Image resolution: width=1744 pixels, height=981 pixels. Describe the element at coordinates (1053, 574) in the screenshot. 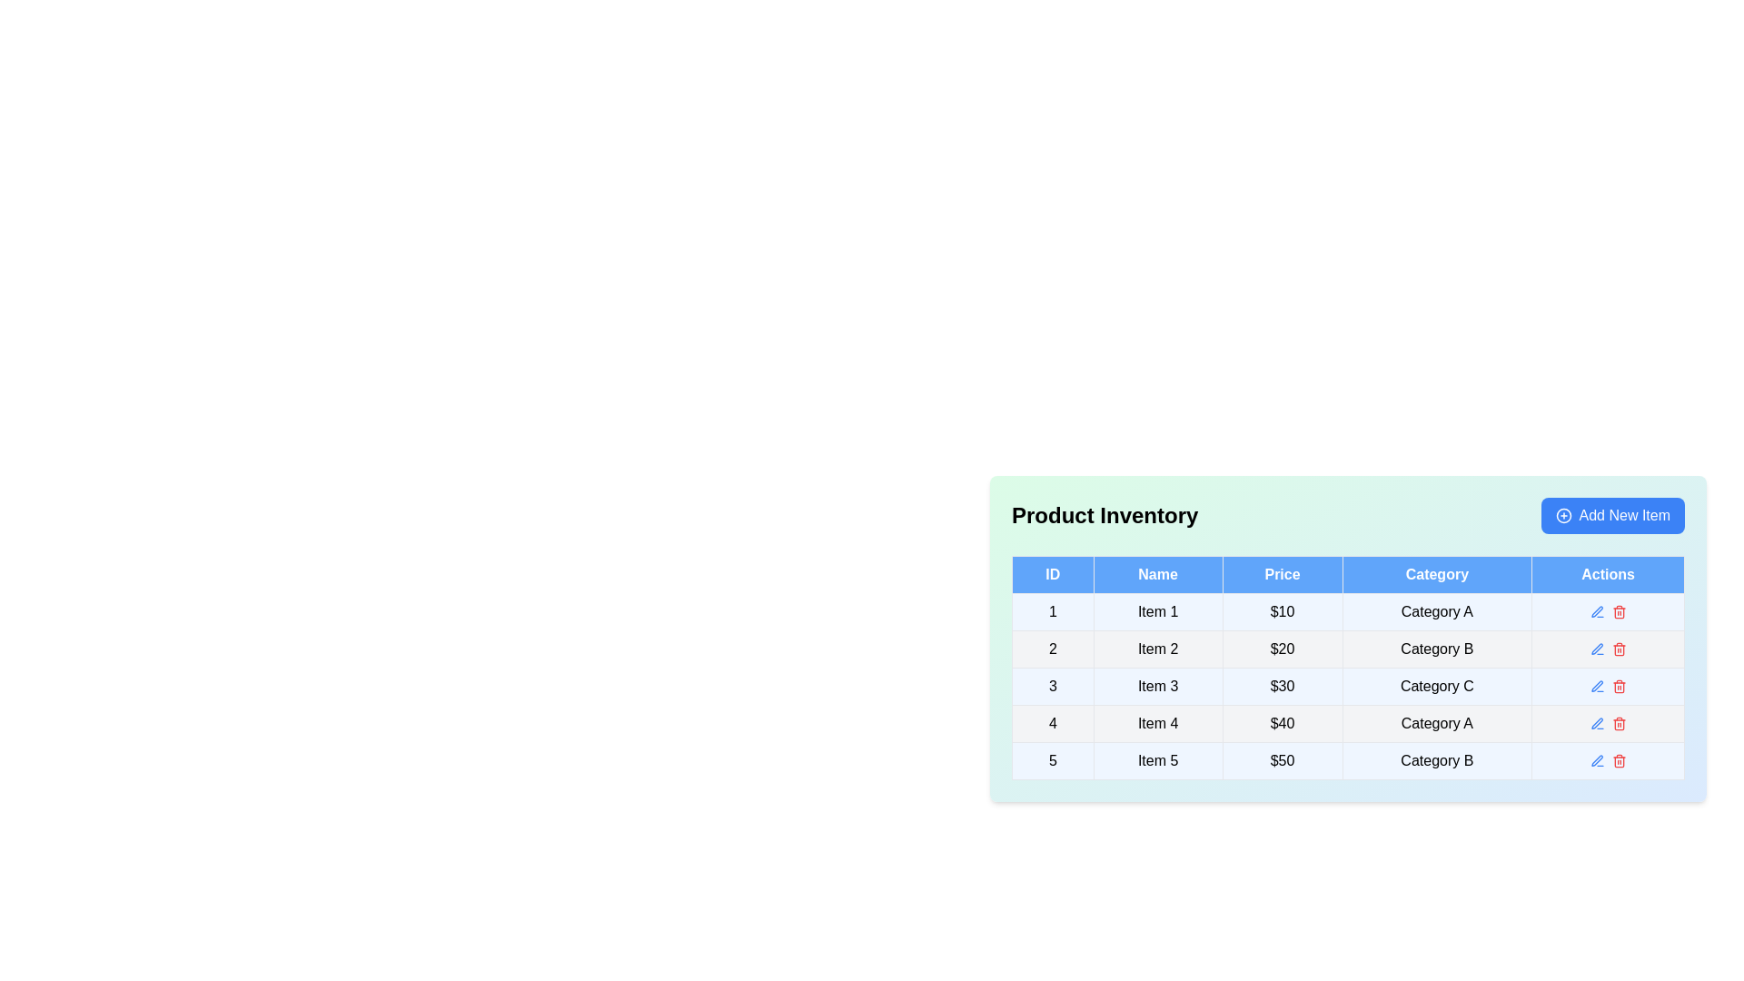

I see `the Table Header Cell that indicates the 'ID' column in the tabular data layout, located at the top-left side of the table` at that location.